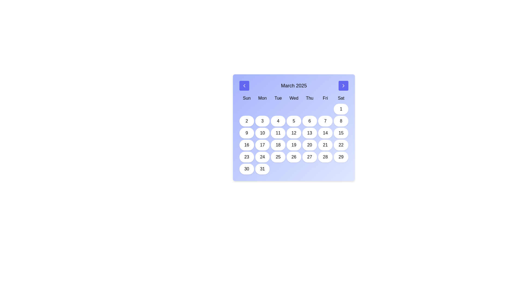  Describe the element at coordinates (262, 98) in the screenshot. I see `the text label displaying 'Mon' in bold font, located in the second position of the weekday headers above the main calendar dates grid` at that location.